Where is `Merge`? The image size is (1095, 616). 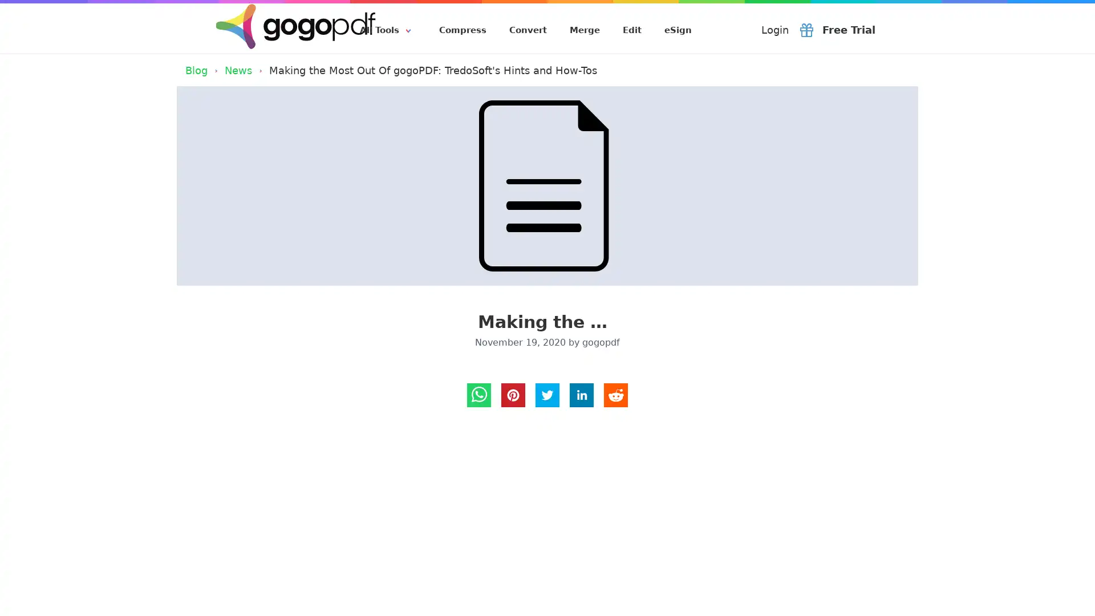
Merge is located at coordinates (585, 29).